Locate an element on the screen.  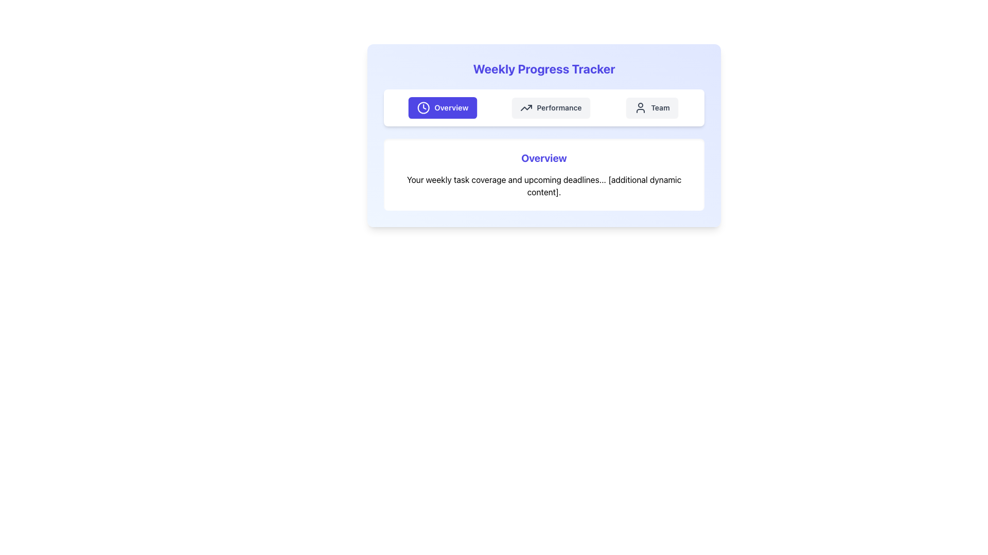
the leftmost button is located at coordinates (443, 107).